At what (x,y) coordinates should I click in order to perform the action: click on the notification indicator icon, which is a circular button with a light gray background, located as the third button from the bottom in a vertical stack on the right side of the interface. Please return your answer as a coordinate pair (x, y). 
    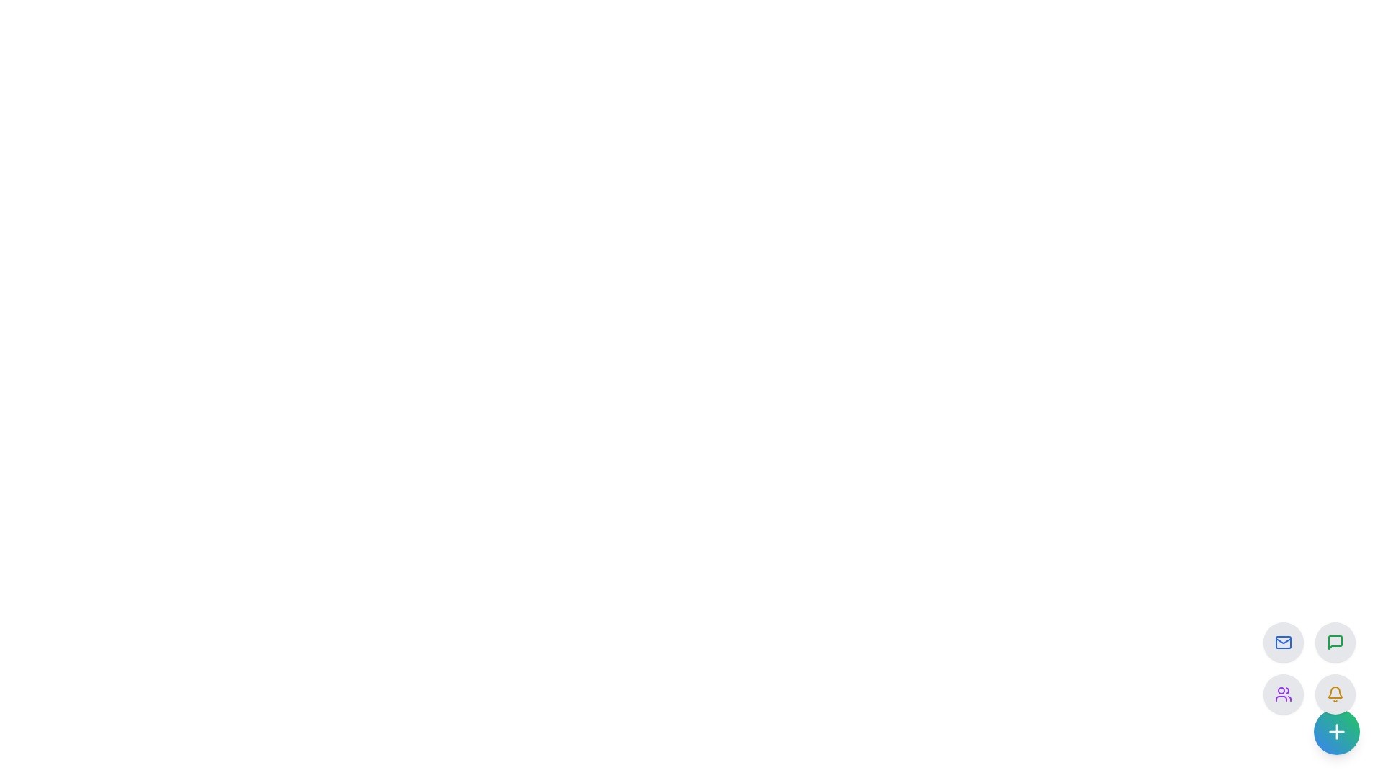
    Looking at the image, I should click on (1334, 694).